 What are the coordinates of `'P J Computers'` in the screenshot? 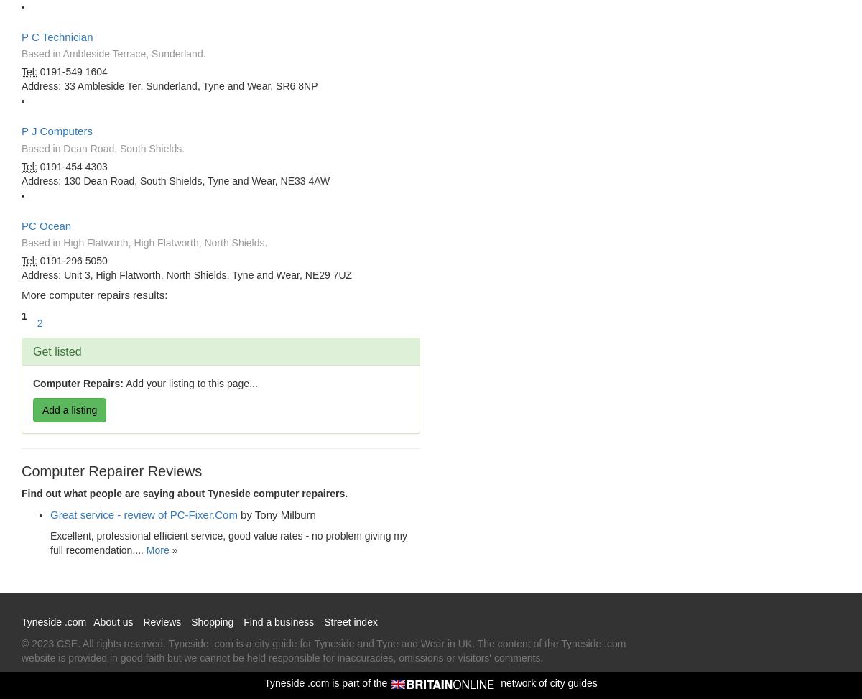 It's located at (56, 131).